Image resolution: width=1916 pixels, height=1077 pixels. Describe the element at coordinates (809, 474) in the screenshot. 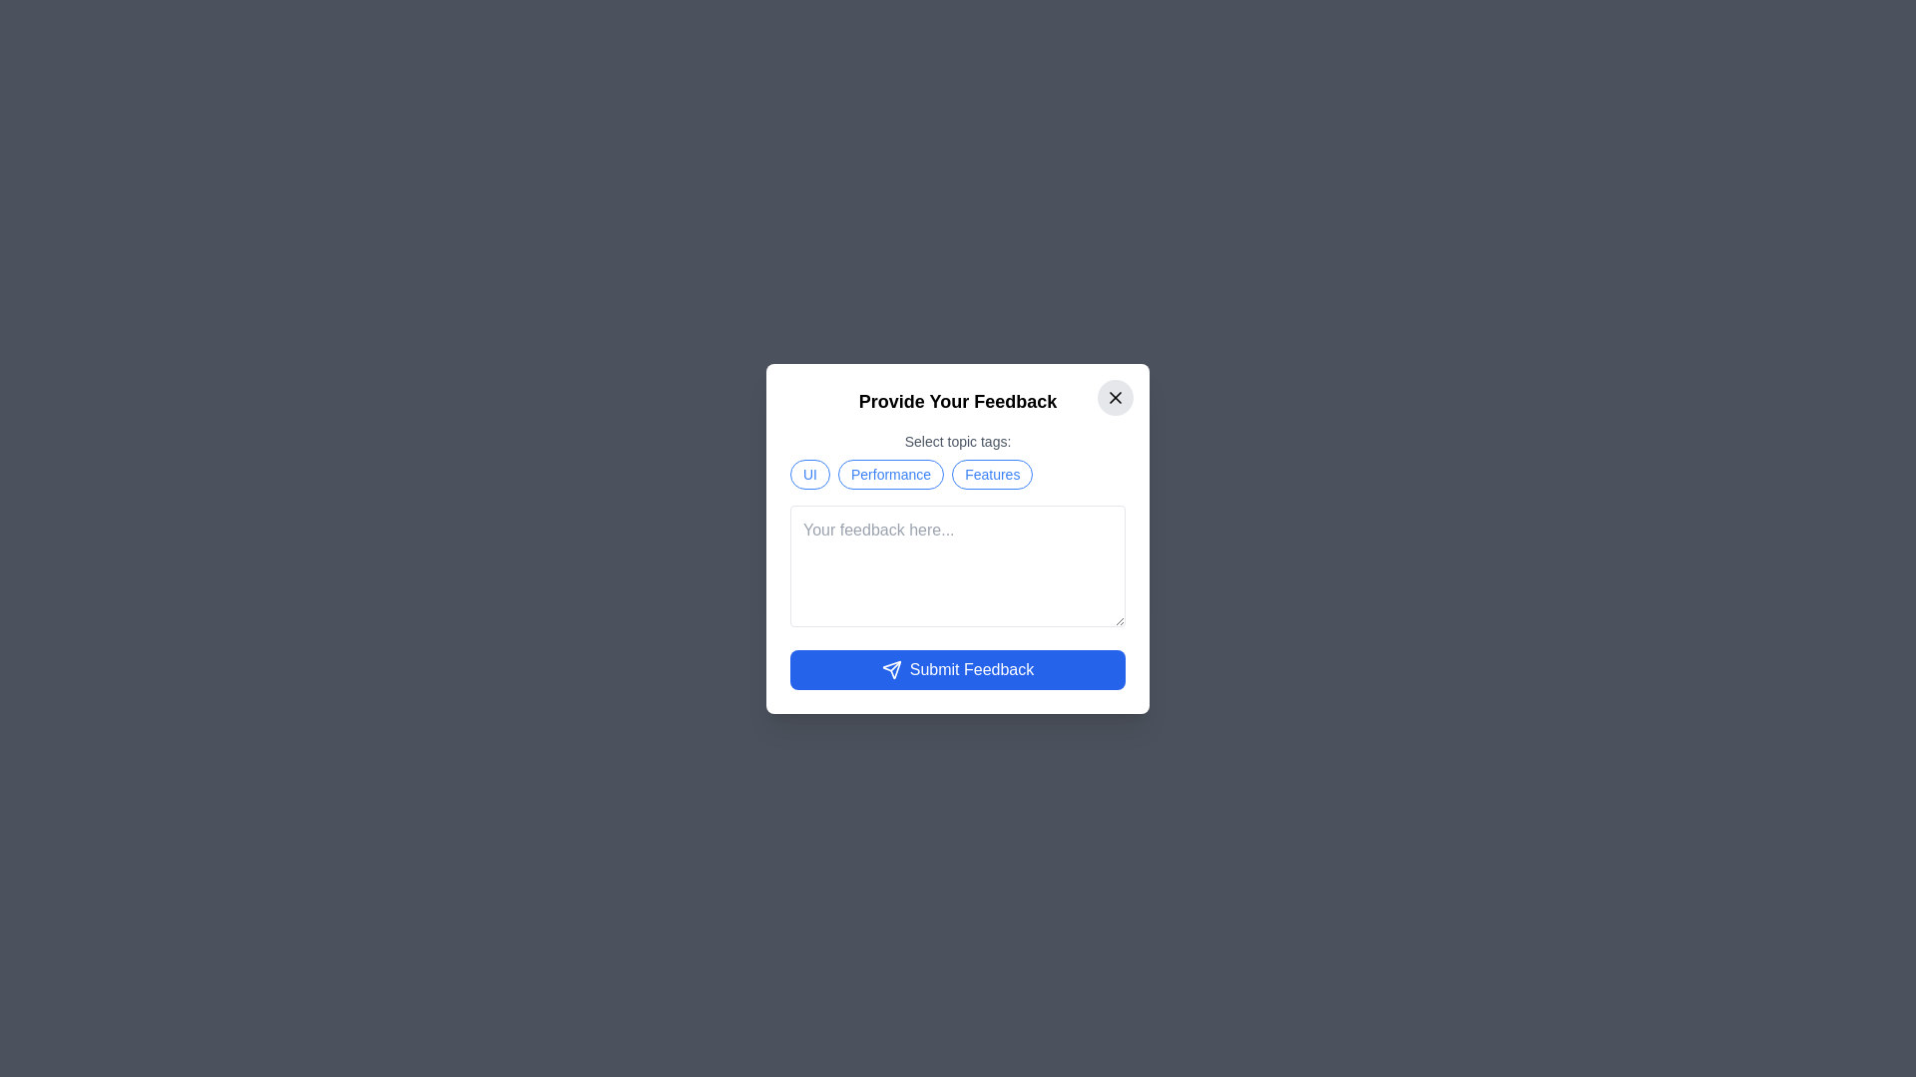

I see `the feedback tag labeled UI` at that location.